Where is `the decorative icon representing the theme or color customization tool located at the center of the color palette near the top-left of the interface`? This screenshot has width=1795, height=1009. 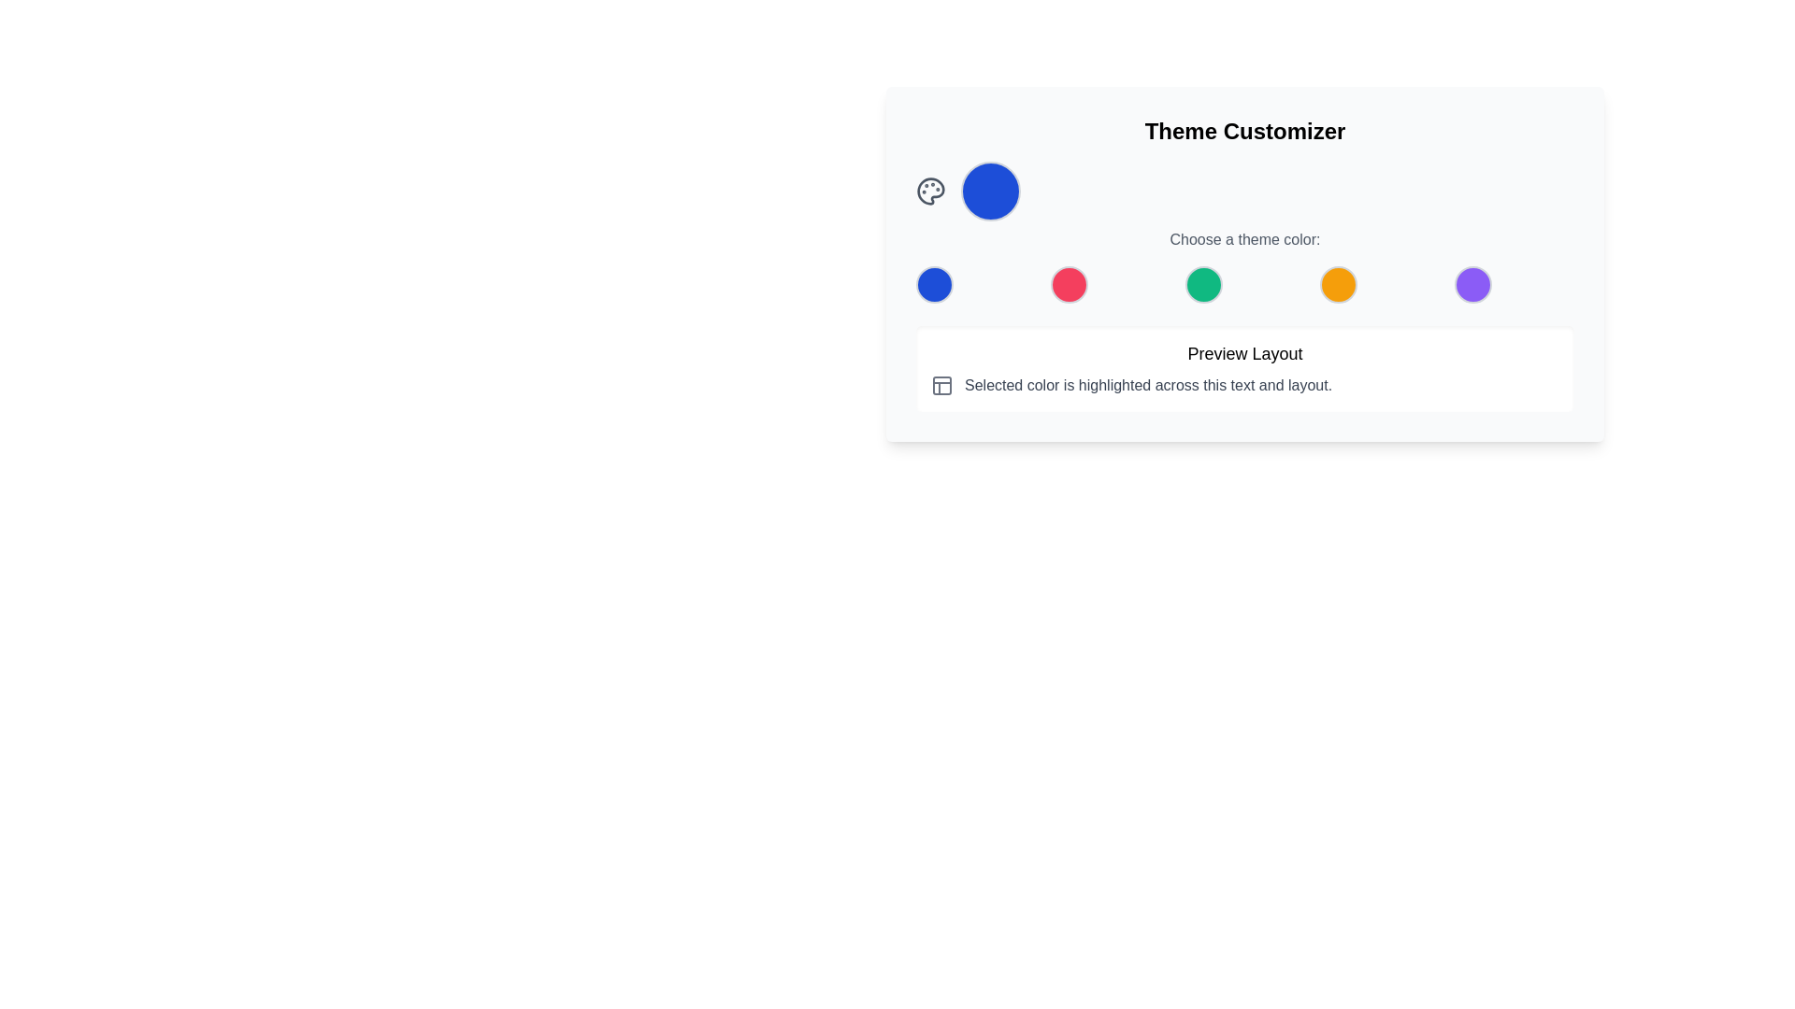 the decorative icon representing the theme or color customization tool located at the center of the color palette near the top-left of the interface is located at coordinates (930, 191).